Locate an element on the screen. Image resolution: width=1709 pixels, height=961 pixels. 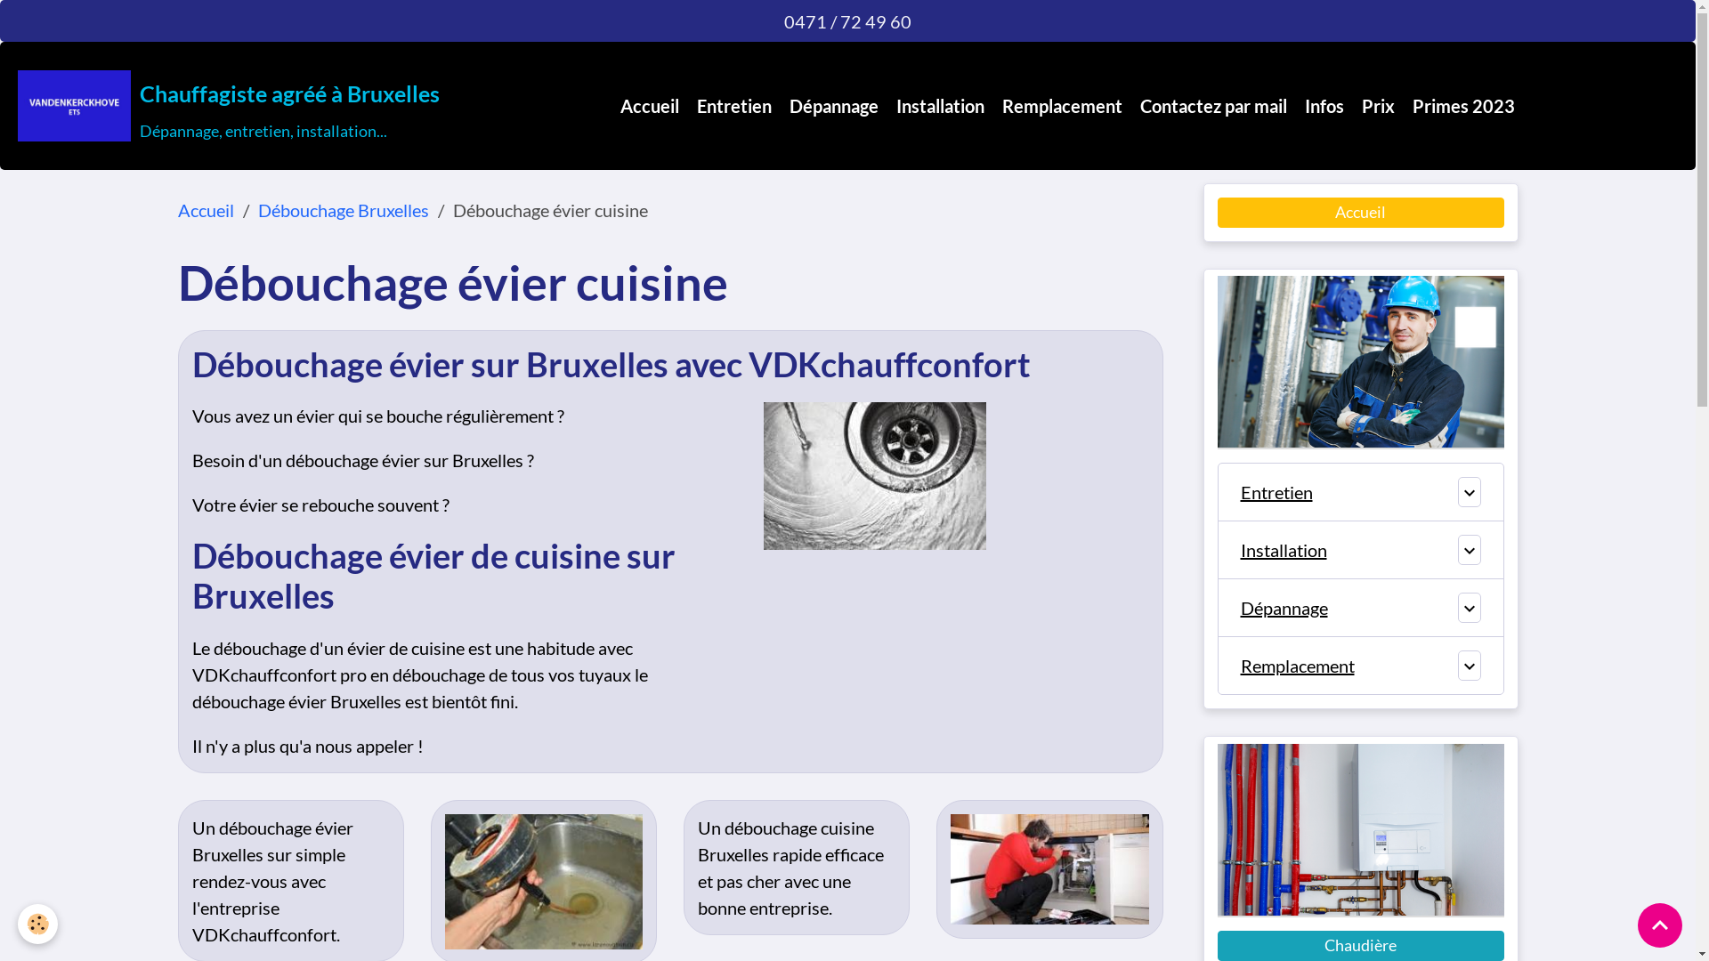
'0471 / 72 49 60' is located at coordinates (846, 20).